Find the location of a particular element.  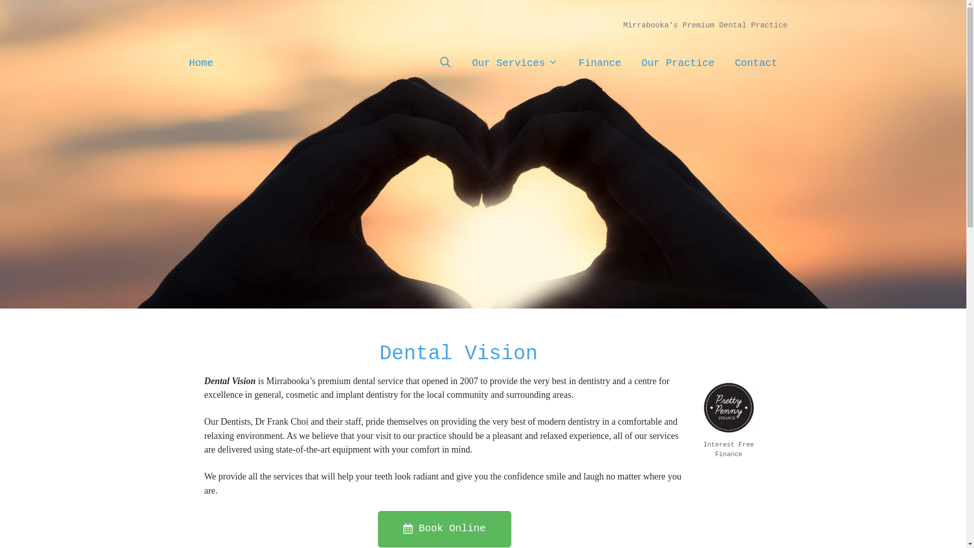

'Finance' is located at coordinates (567, 62).